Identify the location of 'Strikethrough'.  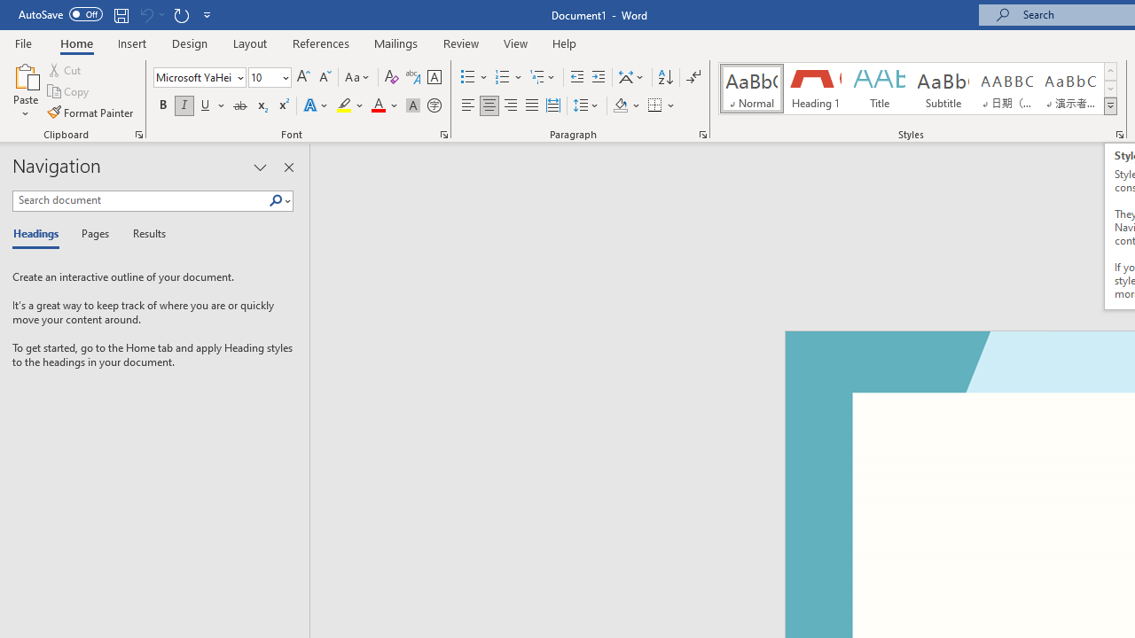
(239, 105).